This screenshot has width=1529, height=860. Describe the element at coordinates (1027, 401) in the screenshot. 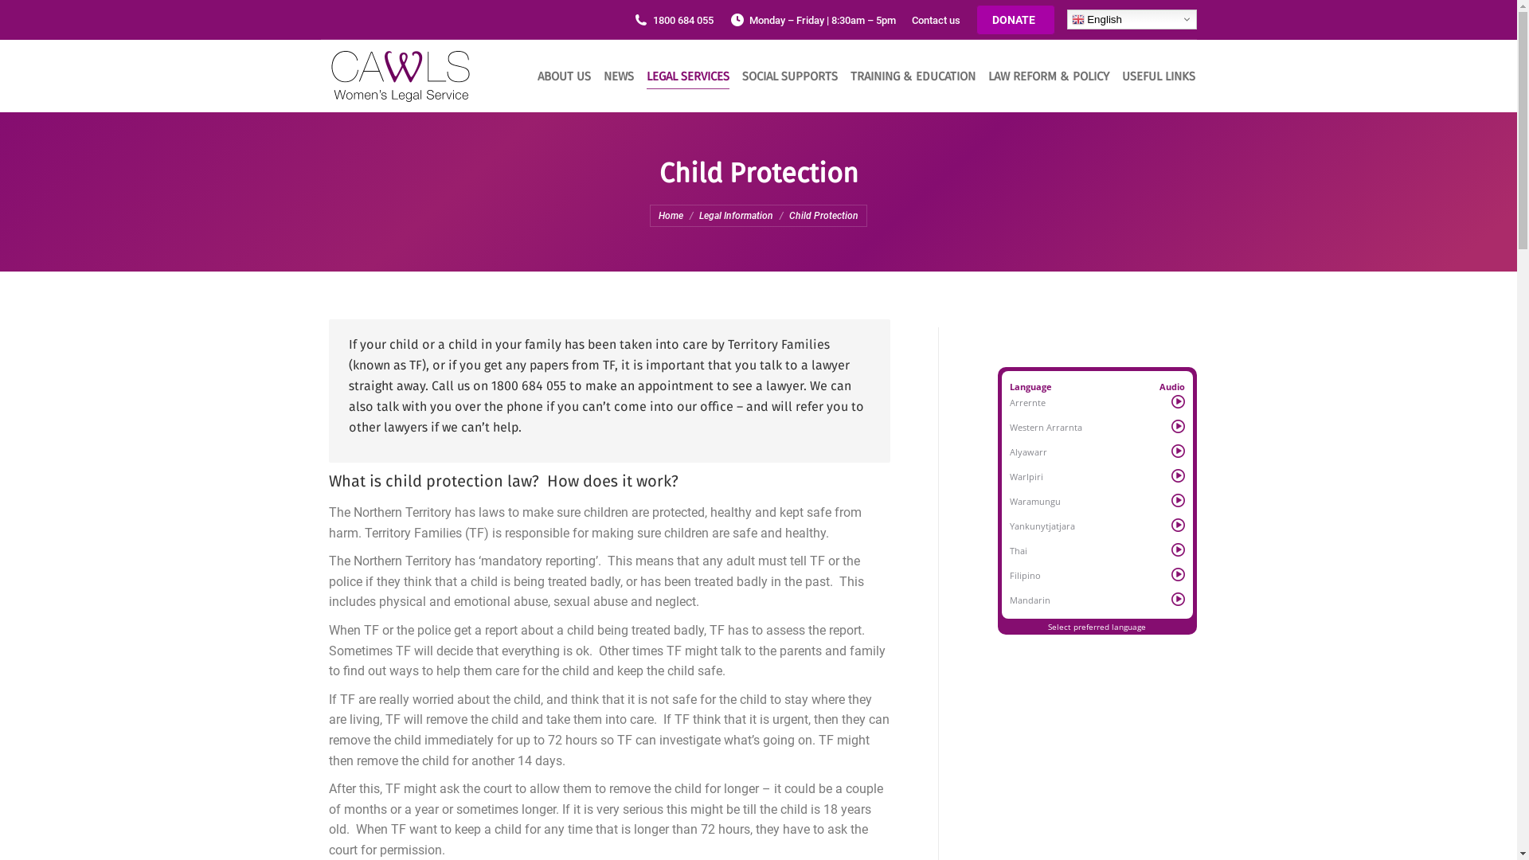

I see `'Arrernte'` at that location.